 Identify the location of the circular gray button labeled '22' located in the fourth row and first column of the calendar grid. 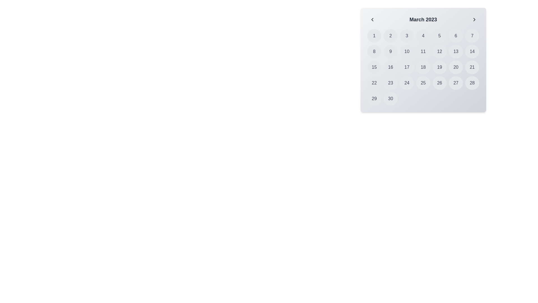
(374, 83).